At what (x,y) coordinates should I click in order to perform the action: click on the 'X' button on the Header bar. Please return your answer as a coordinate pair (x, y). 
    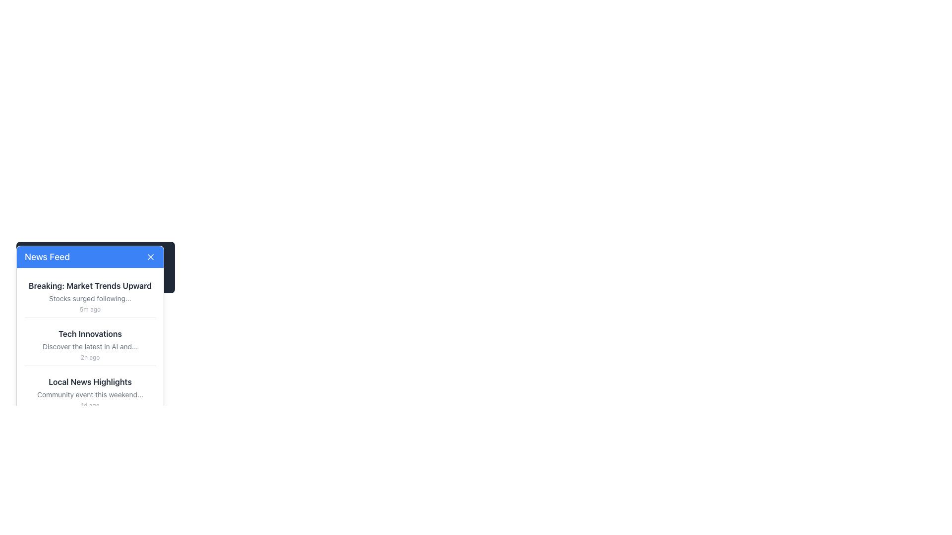
    Looking at the image, I should click on (95, 267).